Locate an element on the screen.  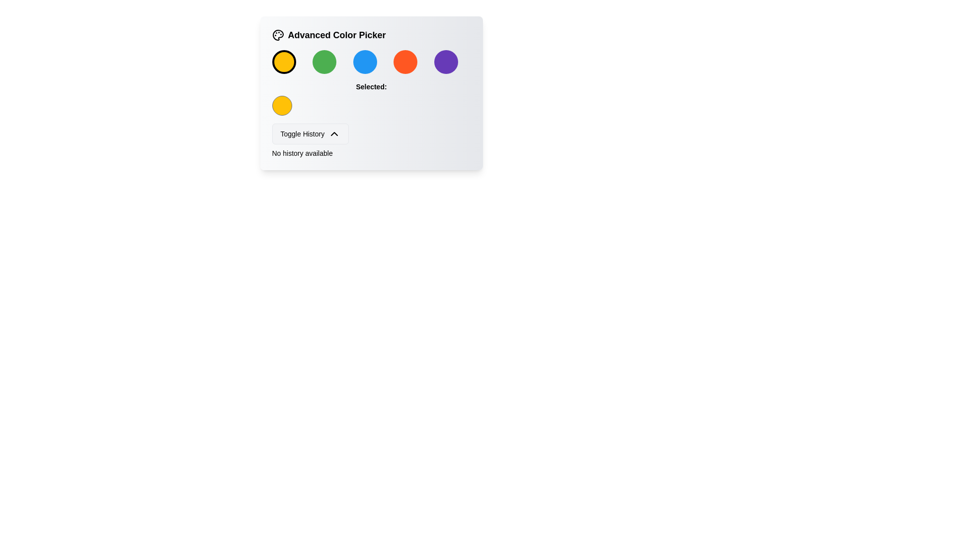
the blue color selection button in the advanced color picker tool, which is the third item in a row of five circular icons is located at coordinates (364, 62).